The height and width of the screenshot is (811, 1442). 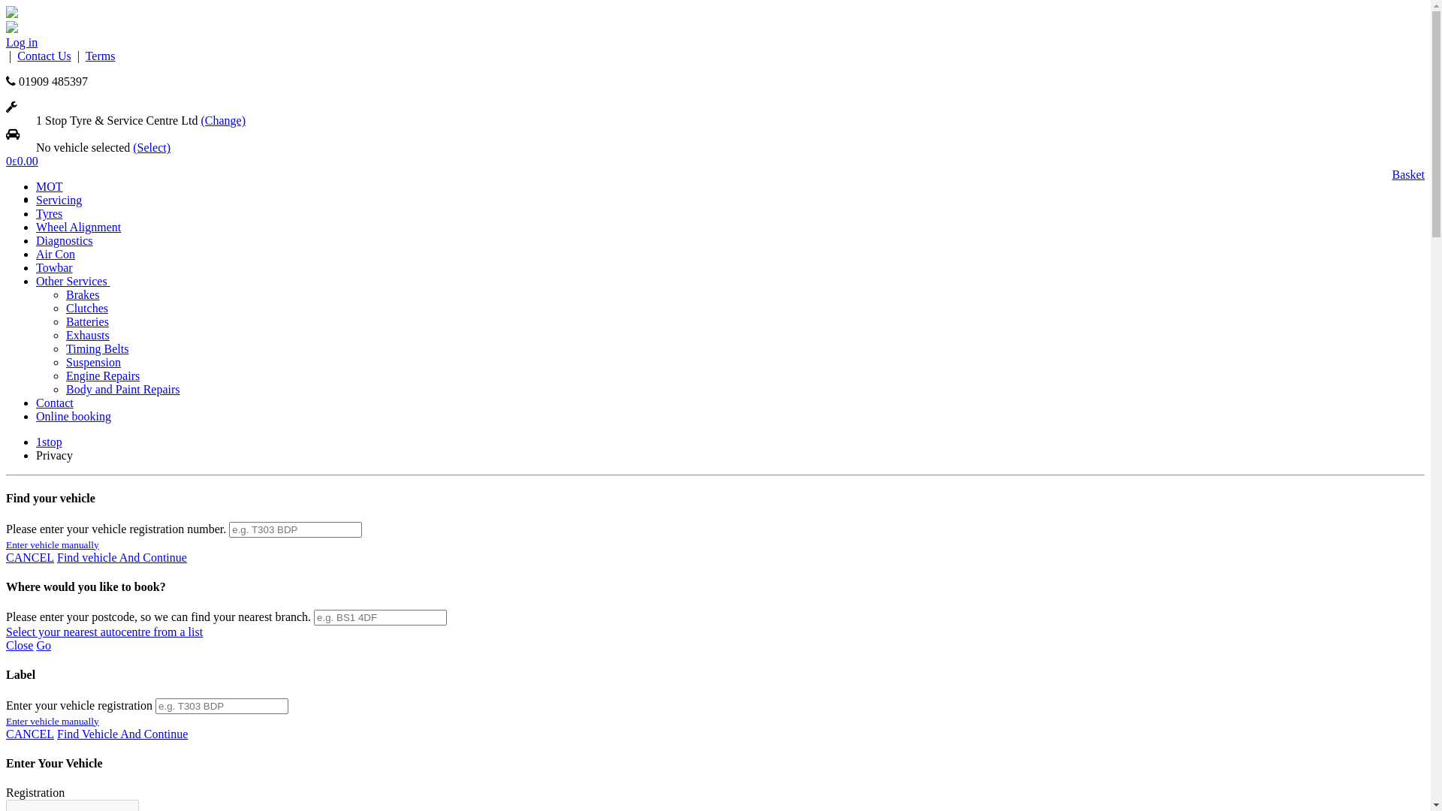 I want to click on 'Suspension', so click(x=92, y=362).